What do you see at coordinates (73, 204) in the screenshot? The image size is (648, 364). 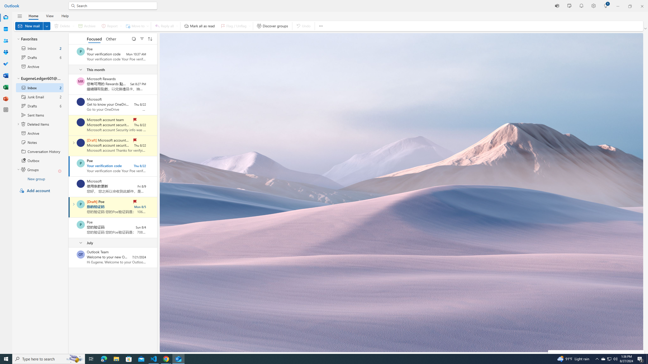 I see `'Expand conversation'` at bounding box center [73, 204].